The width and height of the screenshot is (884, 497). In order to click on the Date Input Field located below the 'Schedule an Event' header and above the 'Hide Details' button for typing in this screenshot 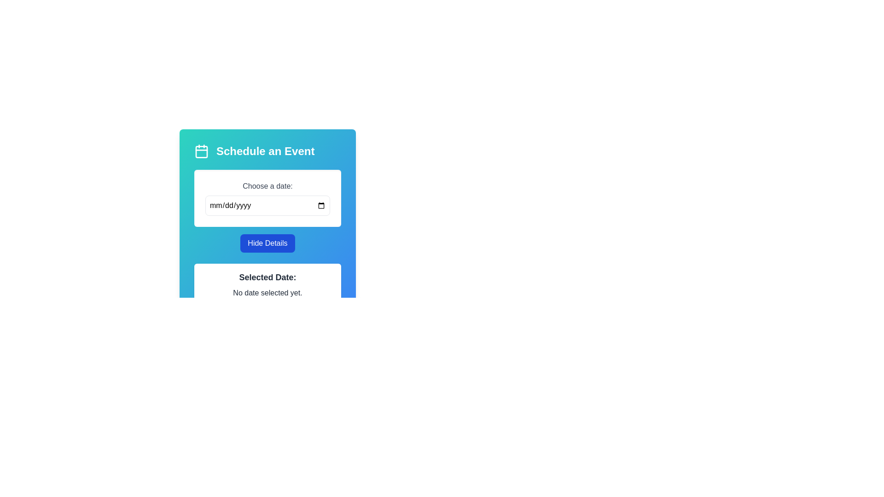, I will do `click(267, 198)`.